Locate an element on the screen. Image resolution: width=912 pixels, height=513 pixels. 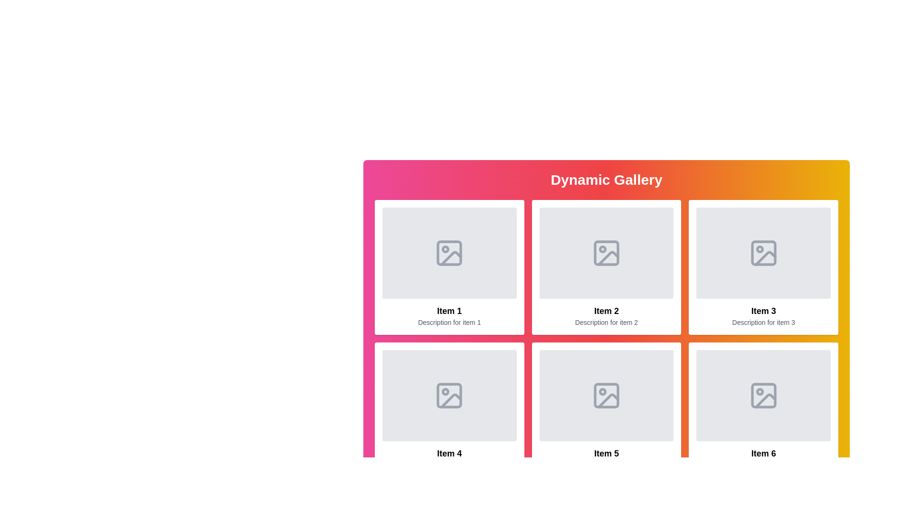
the 'Item 6' text element to trigger any associated tooltips is located at coordinates (763, 453).